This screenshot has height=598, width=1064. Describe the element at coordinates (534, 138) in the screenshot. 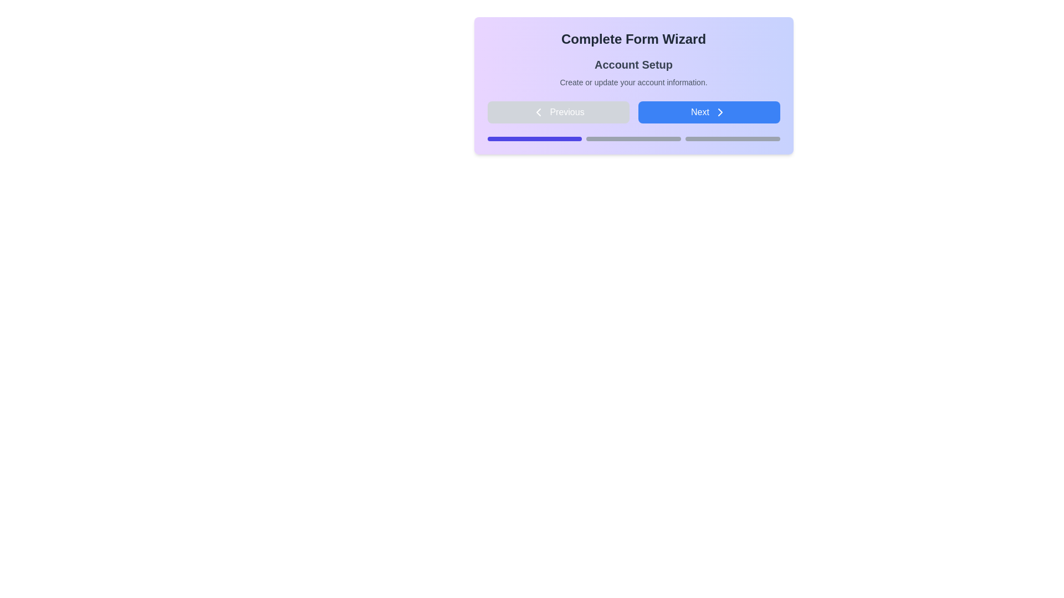

I see `the first progress indicator in the horizontal sequence below the 'Previous' and 'Next' buttons of the wizard interface` at that location.